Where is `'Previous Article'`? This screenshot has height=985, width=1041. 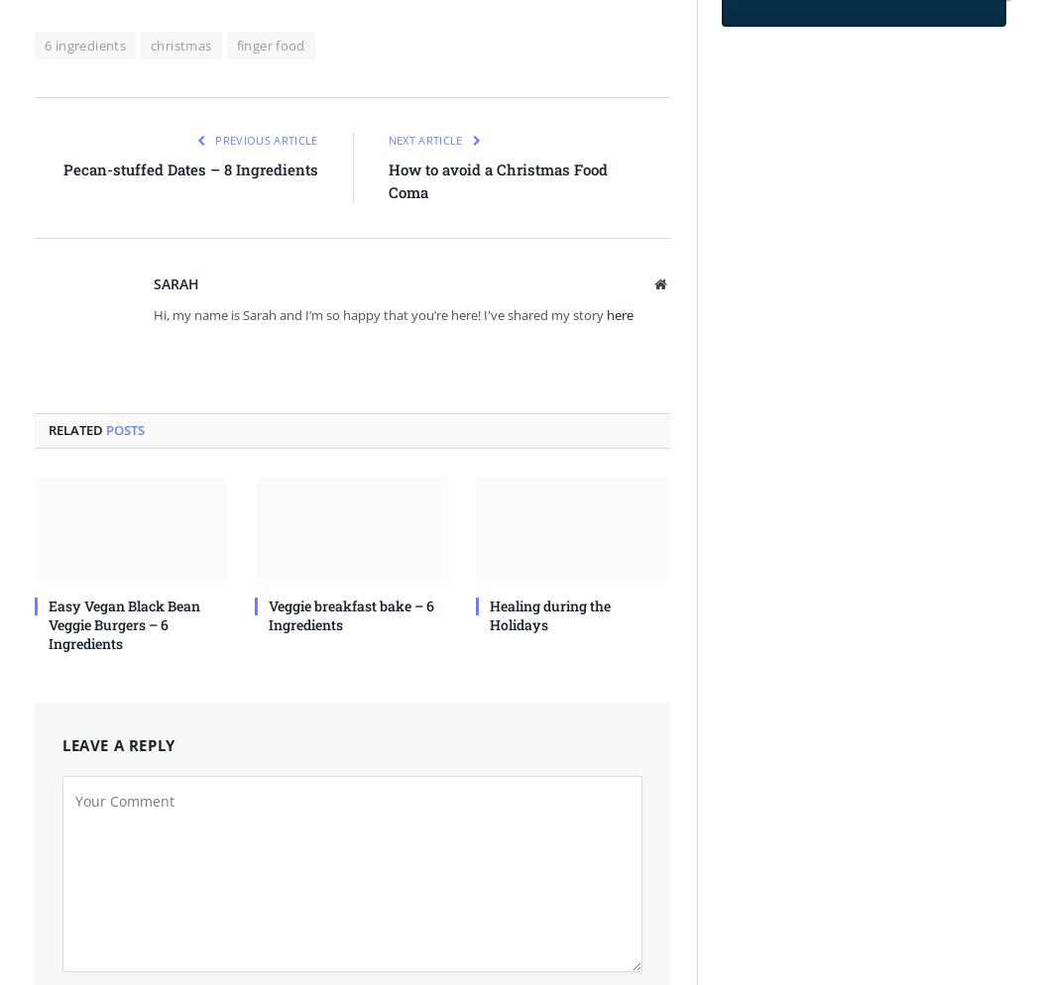 'Previous Article' is located at coordinates (264, 138).